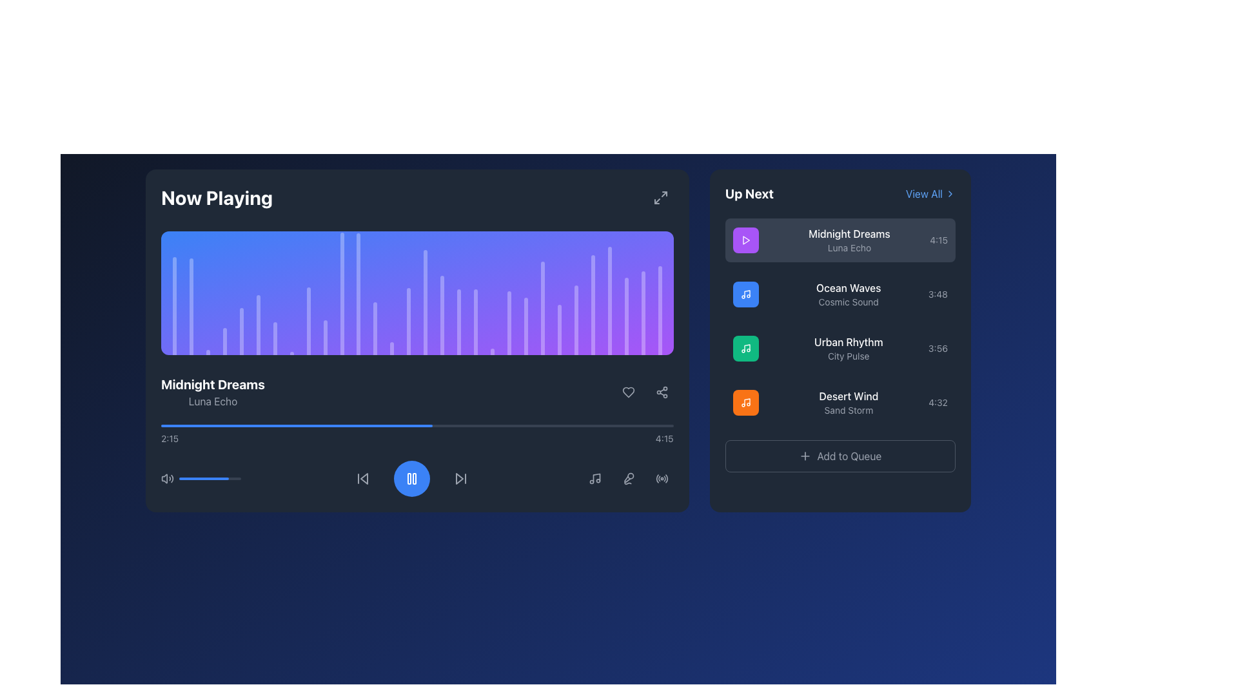  Describe the element at coordinates (626, 316) in the screenshot. I see `the 28th vertical Visual feedback bar, which is a slim semi-transparent white bar with rounded edges, located in the rightmost part of the visual feedback area within the Now Playing section` at that location.